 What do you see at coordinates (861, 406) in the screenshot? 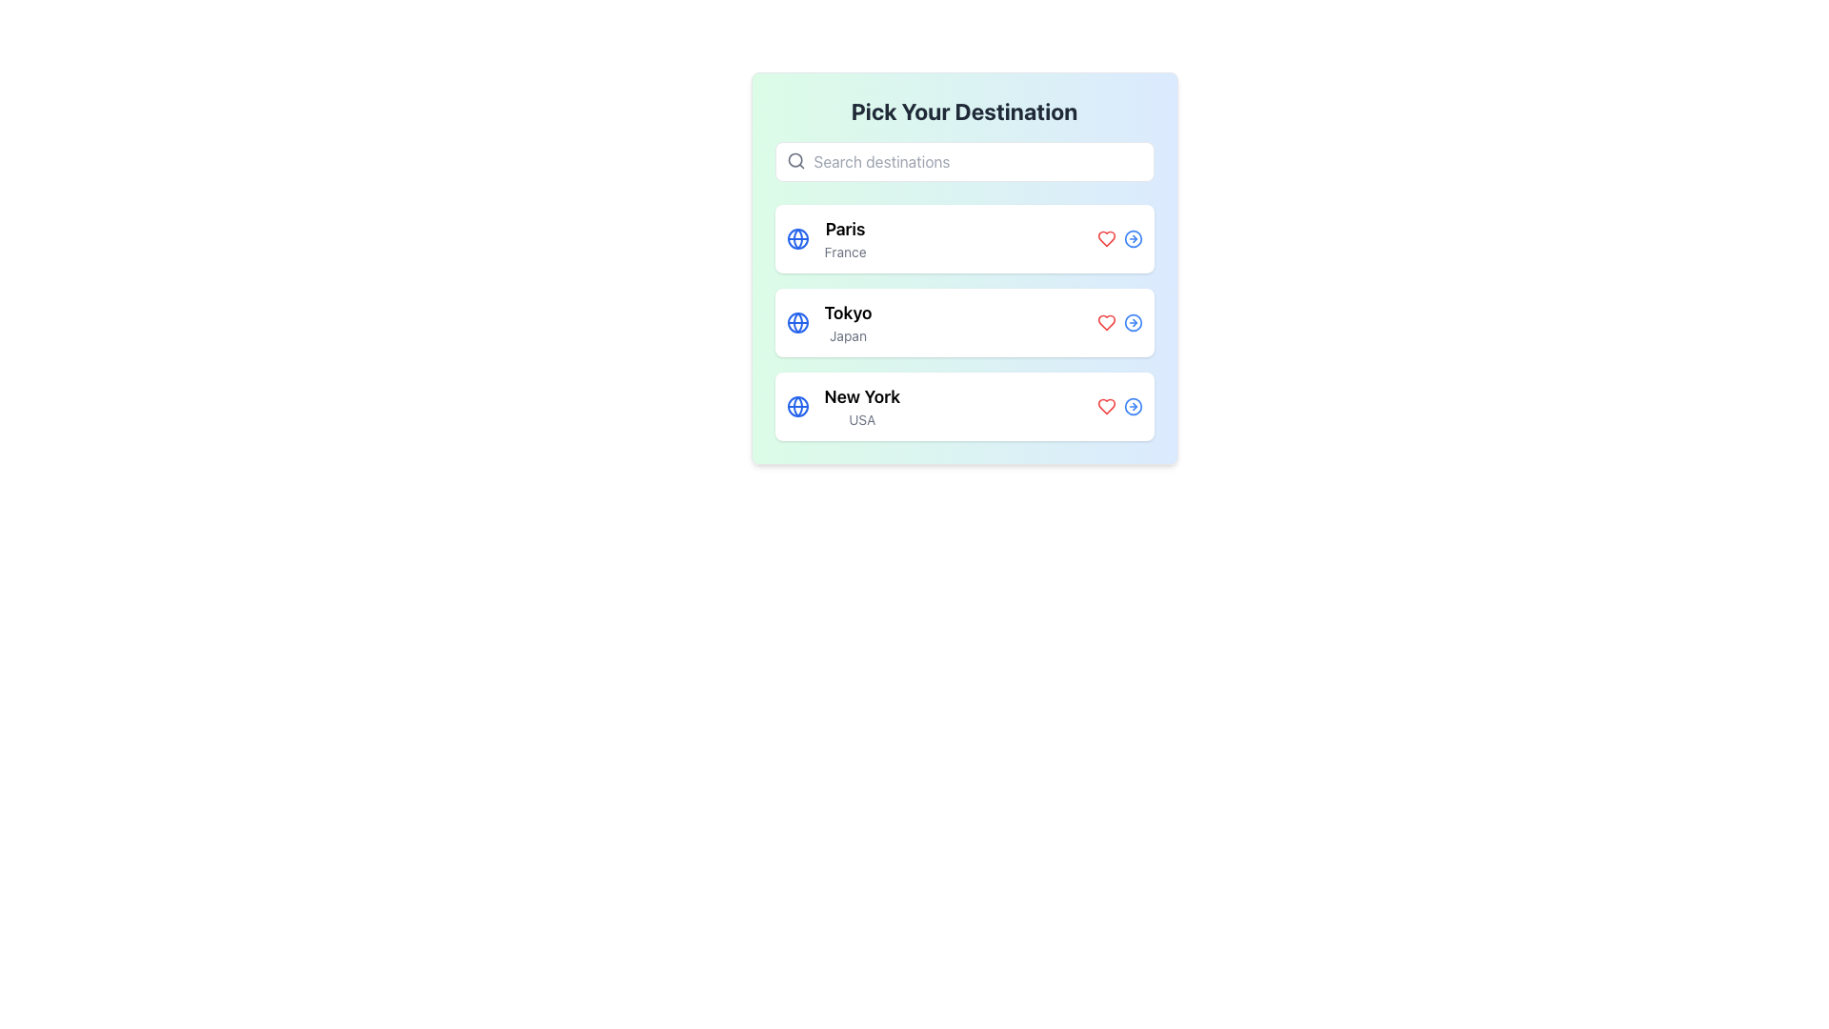
I see `the text label displaying 'New York', which is positioned in the third row of the 'Pick Your Destination' list, aligned to the right of a globe icon` at bounding box center [861, 406].